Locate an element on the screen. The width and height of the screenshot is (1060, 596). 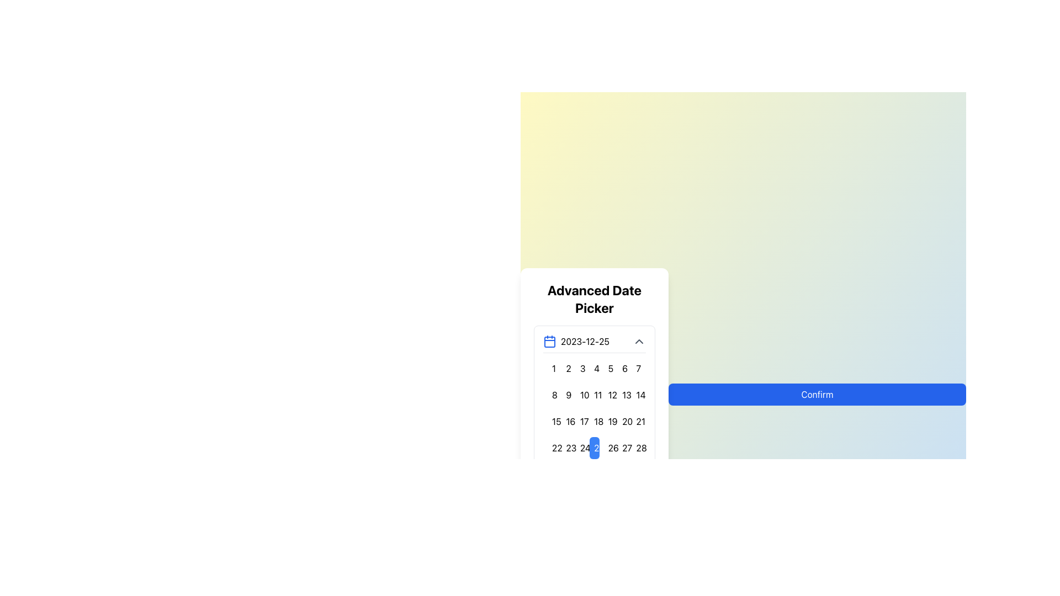
the button that allows the user to select the 16th day in the calendar month is located at coordinates (566, 421).